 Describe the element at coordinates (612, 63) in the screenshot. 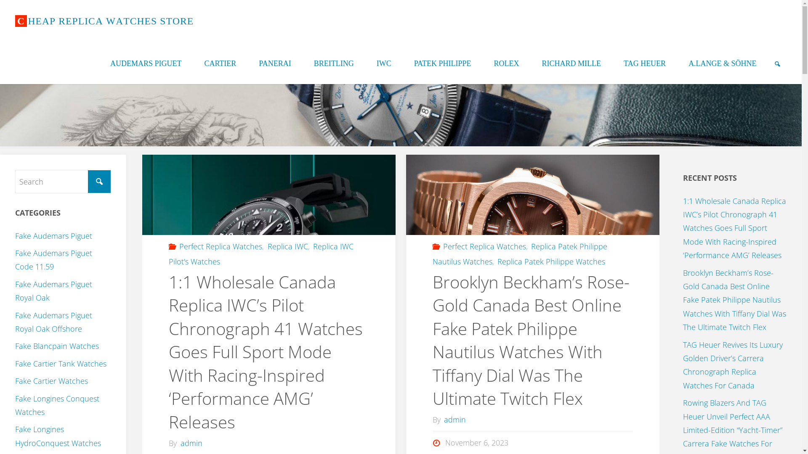

I see `'TAG HEUER'` at that location.